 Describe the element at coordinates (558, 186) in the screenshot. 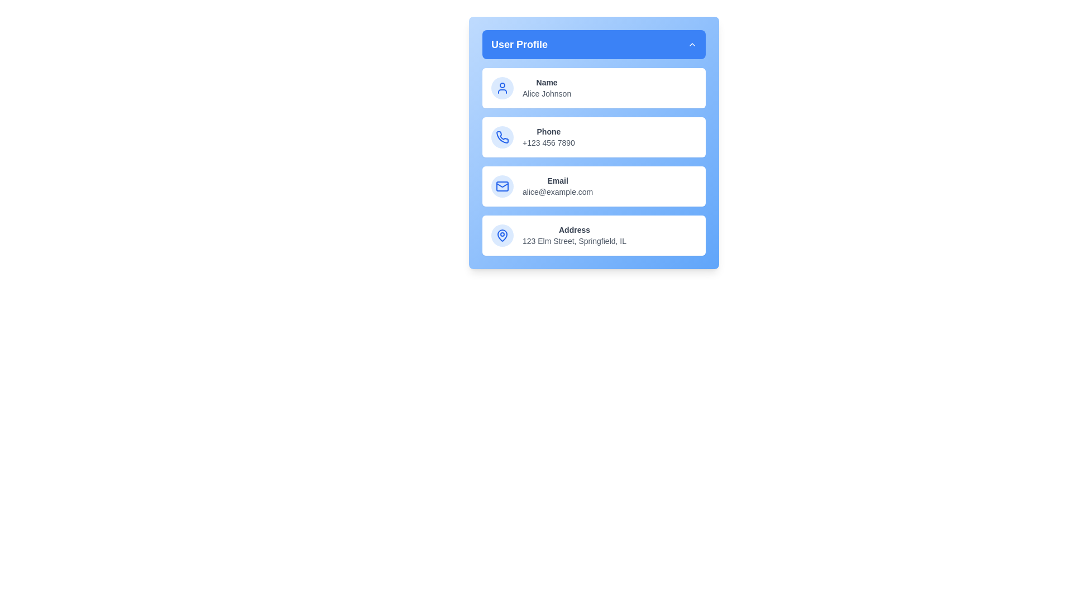

I see `the Text display component that shows 'Email' and 'alice@example.com', which is the third card in a list of user details, positioned between the 'Phone' and 'Address' cards` at that location.